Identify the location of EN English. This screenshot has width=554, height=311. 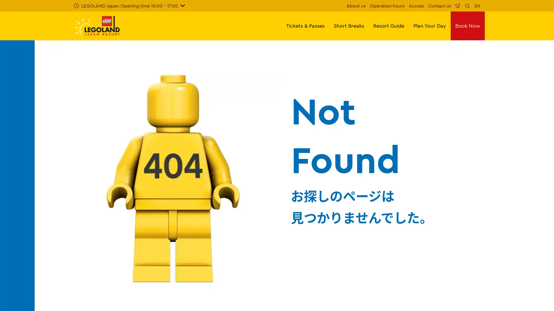
(477, 5).